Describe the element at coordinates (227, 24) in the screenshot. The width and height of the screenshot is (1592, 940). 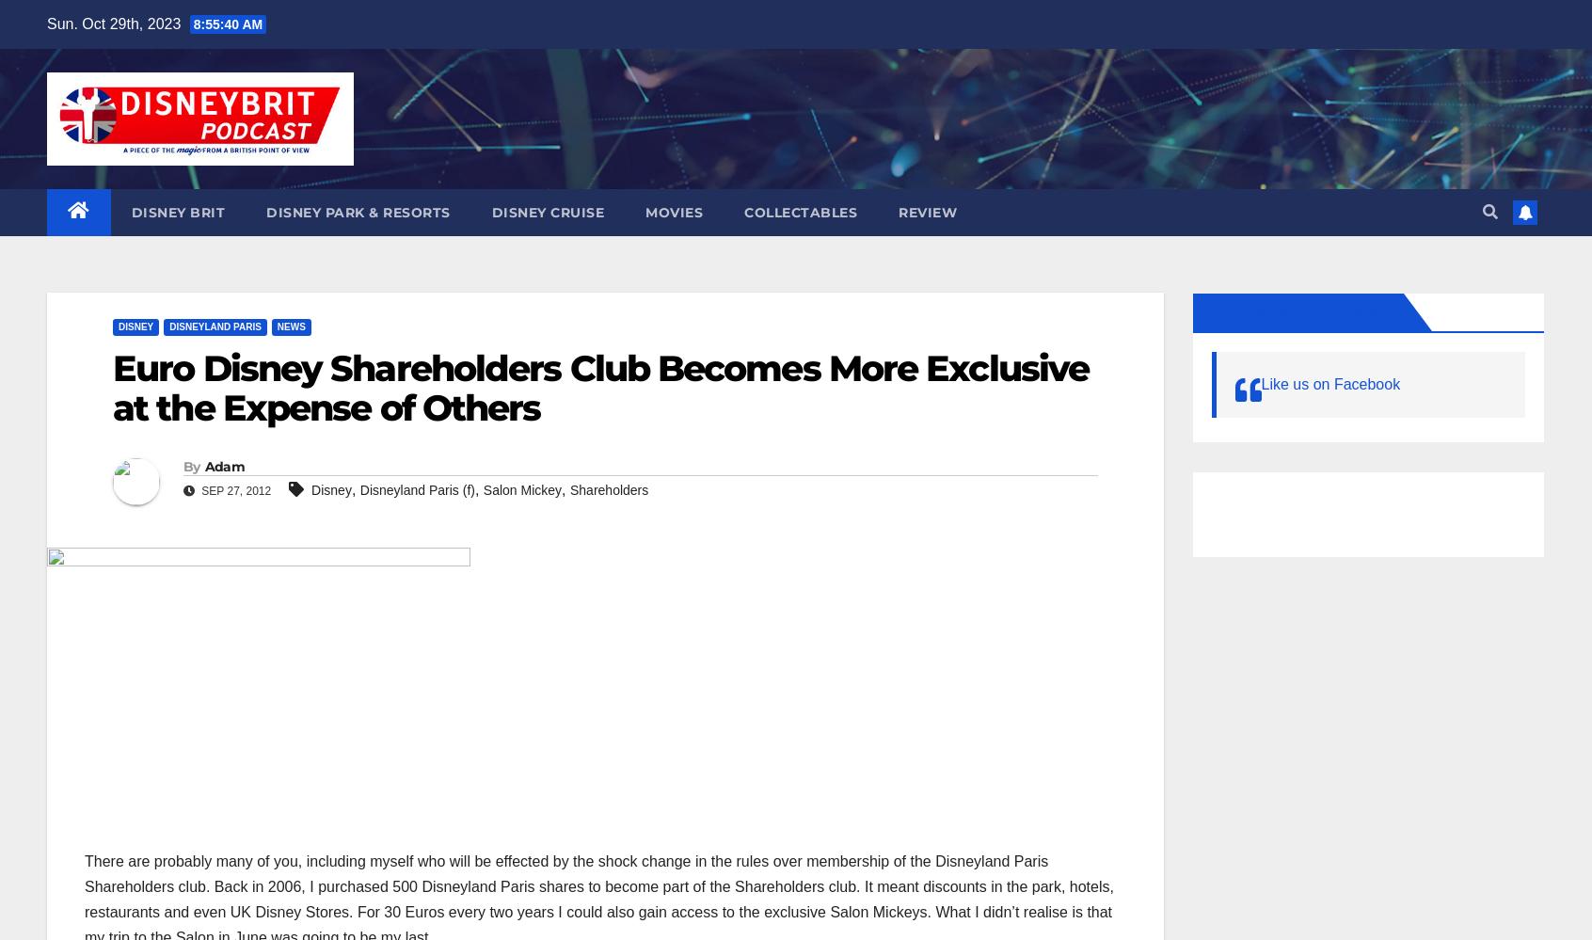
I see `'8:55:41 AM'` at that location.